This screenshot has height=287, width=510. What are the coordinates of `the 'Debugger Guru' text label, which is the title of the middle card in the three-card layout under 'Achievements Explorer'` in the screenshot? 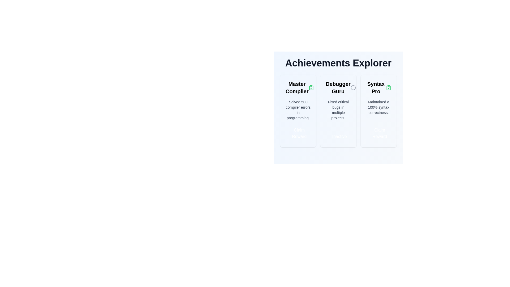 It's located at (338, 87).